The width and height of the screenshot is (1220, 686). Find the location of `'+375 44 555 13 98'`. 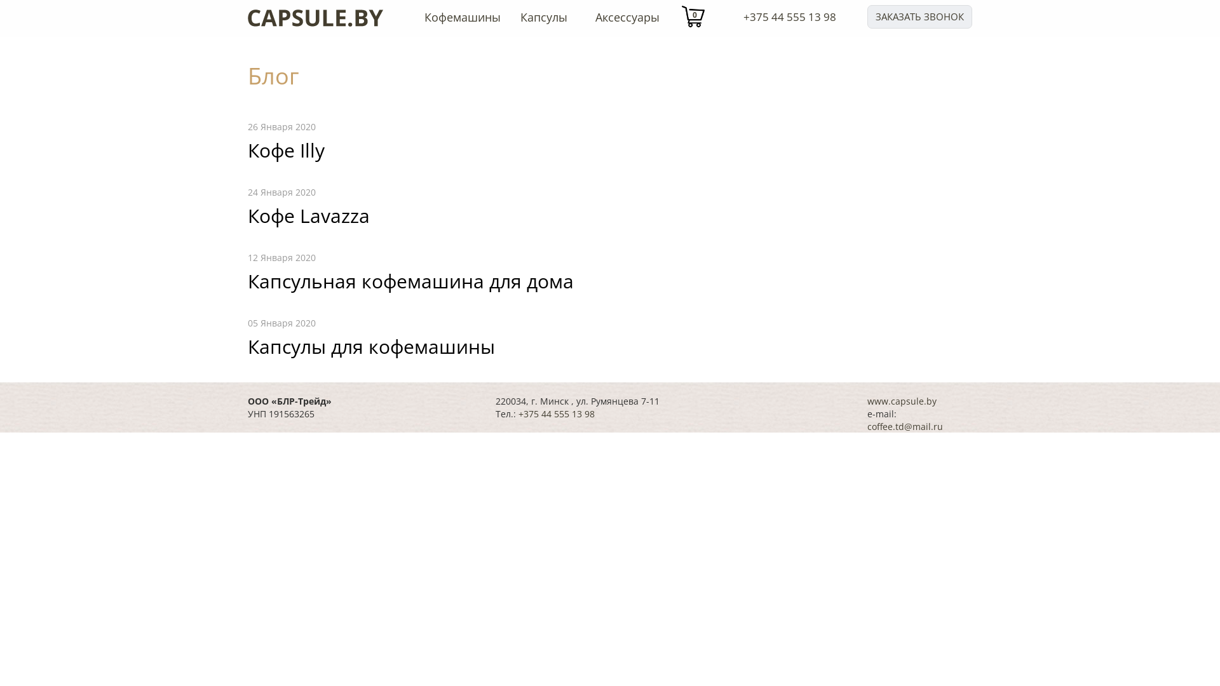

'+375 44 555 13 98' is located at coordinates (556, 414).